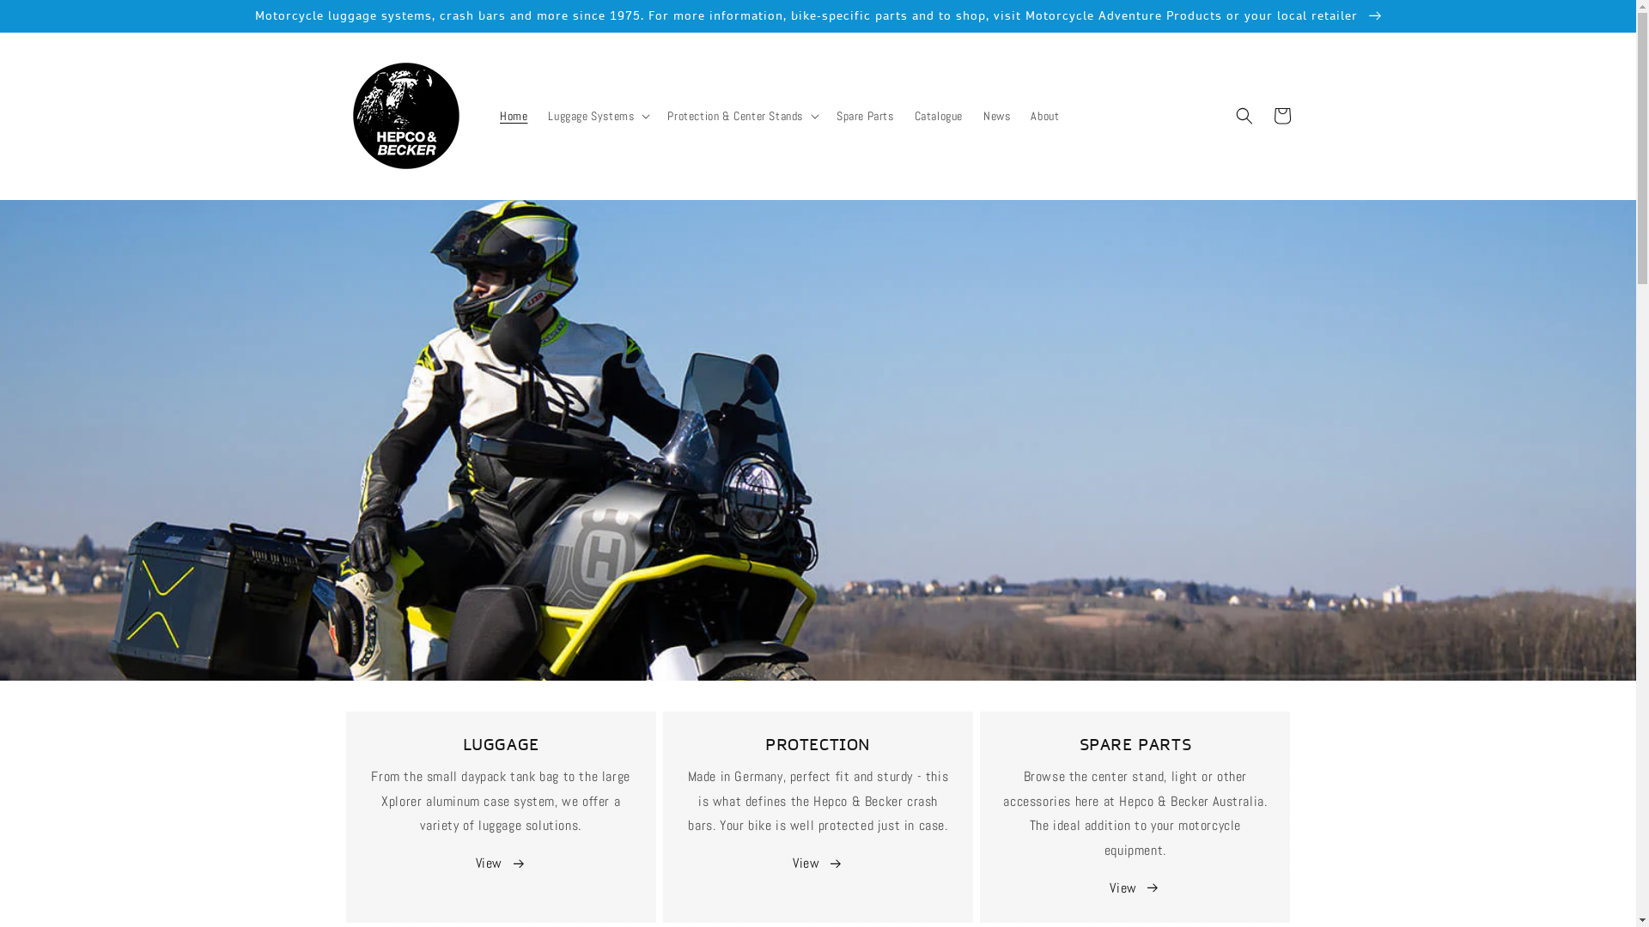 The width and height of the screenshot is (1649, 927). Describe the element at coordinates (475, 863) in the screenshot. I see `'View '` at that location.